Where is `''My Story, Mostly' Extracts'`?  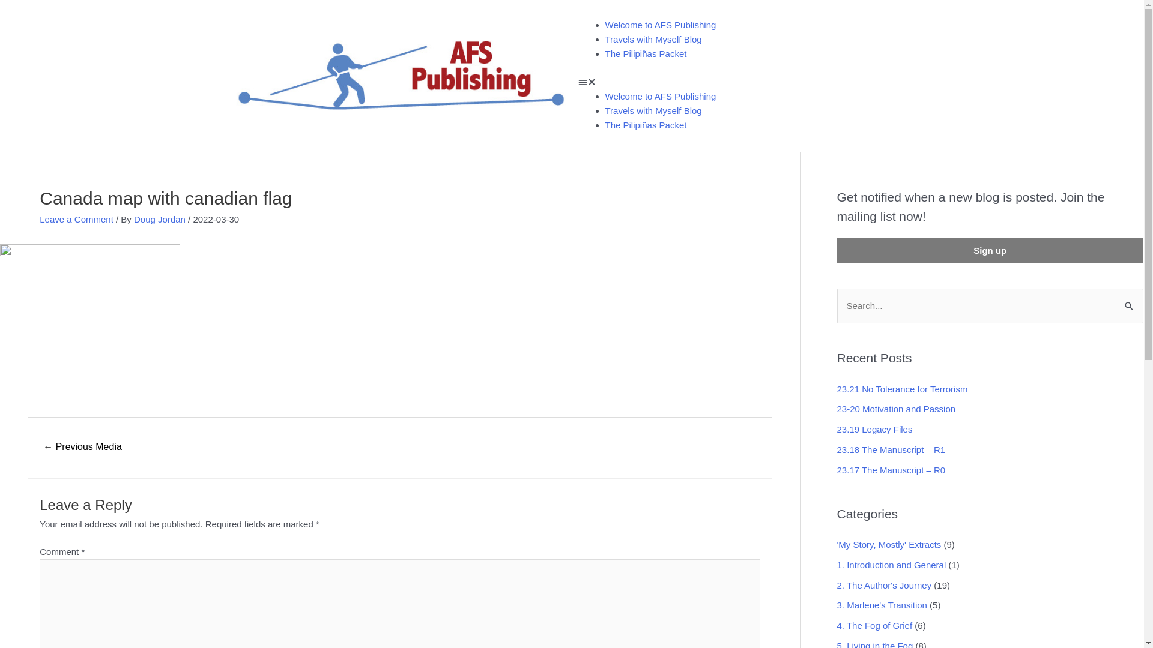
''My Story, Mostly' Extracts' is located at coordinates (889, 544).